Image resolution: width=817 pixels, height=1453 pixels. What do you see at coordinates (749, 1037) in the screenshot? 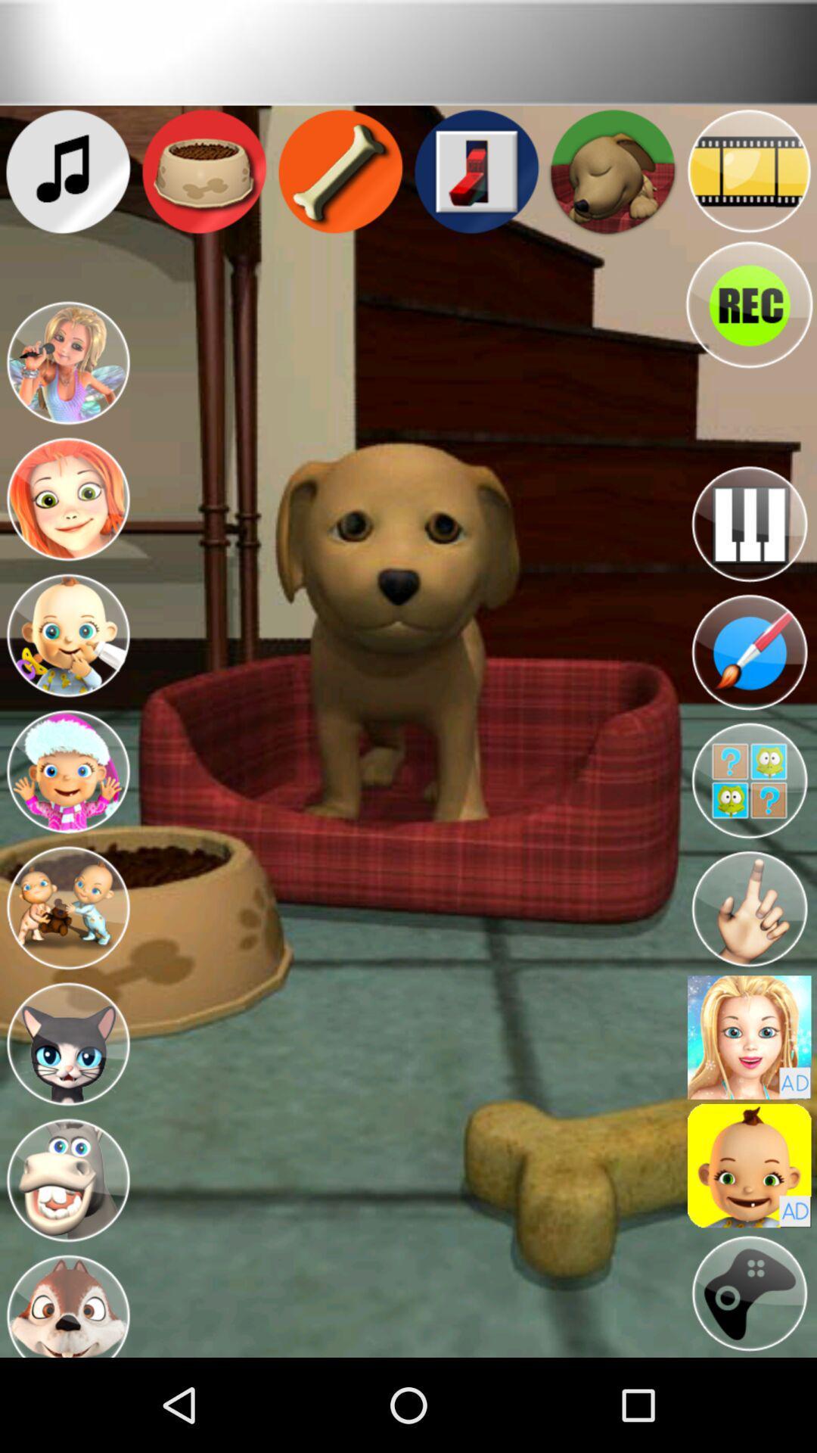
I see `use avatar` at bounding box center [749, 1037].